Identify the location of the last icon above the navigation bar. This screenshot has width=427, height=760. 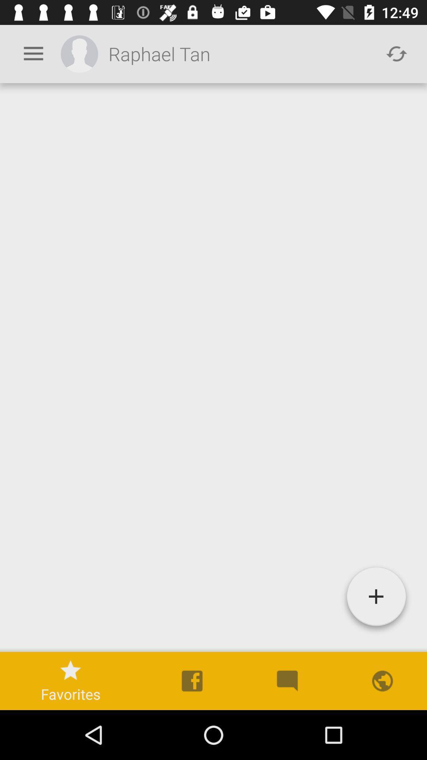
(381, 680).